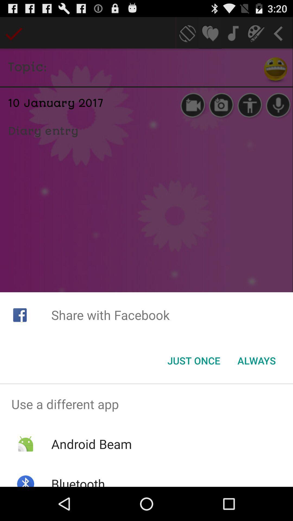 The width and height of the screenshot is (293, 521). Describe the element at coordinates (91, 444) in the screenshot. I see `the android beam item` at that location.